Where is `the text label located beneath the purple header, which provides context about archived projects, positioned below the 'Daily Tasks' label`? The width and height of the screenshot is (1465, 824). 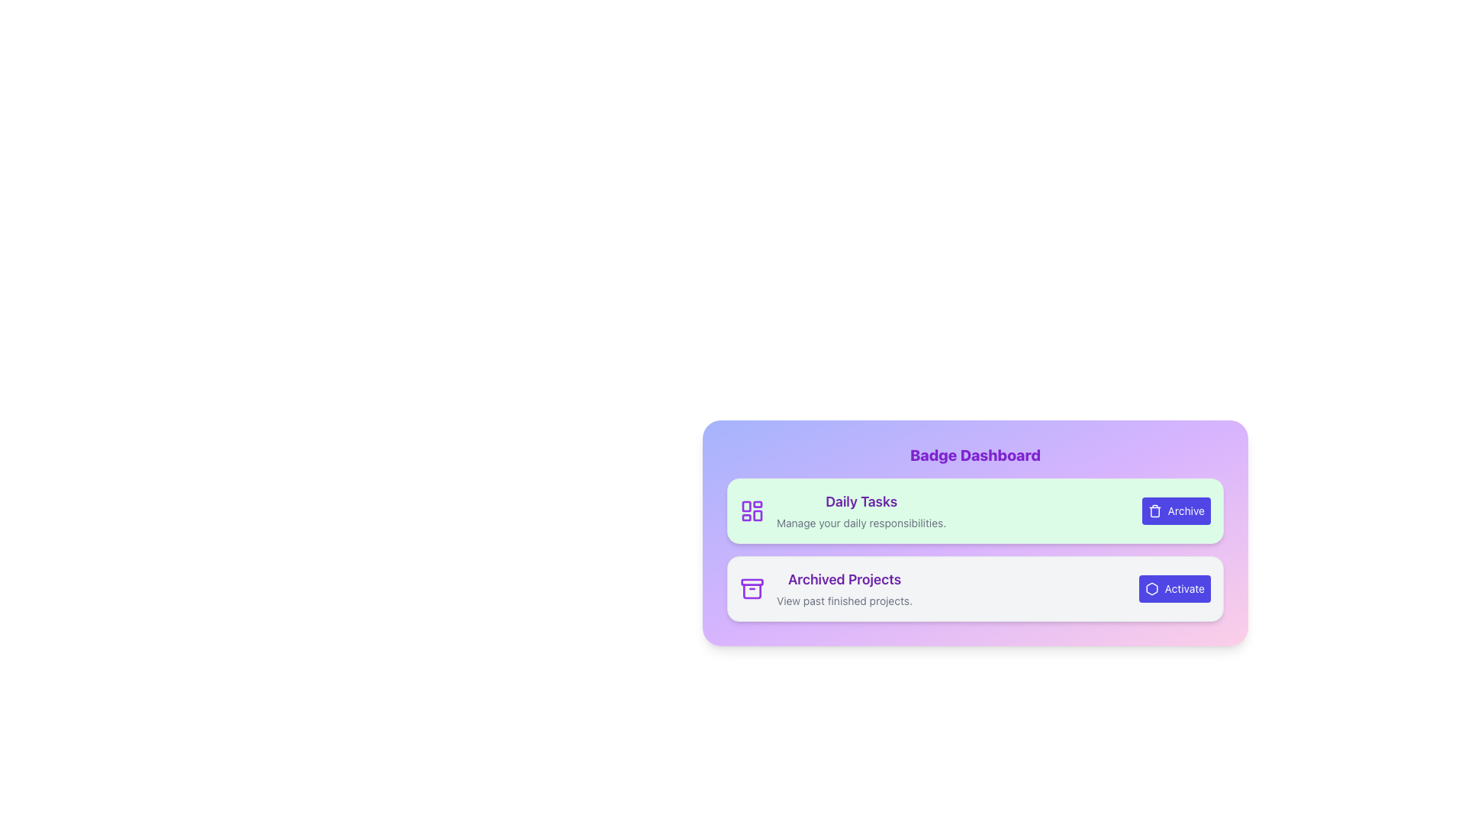
the text label located beneath the purple header, which provides context about archived projects, positioned below the 'Daily Tasks' label is located at coordinates (844, 587).